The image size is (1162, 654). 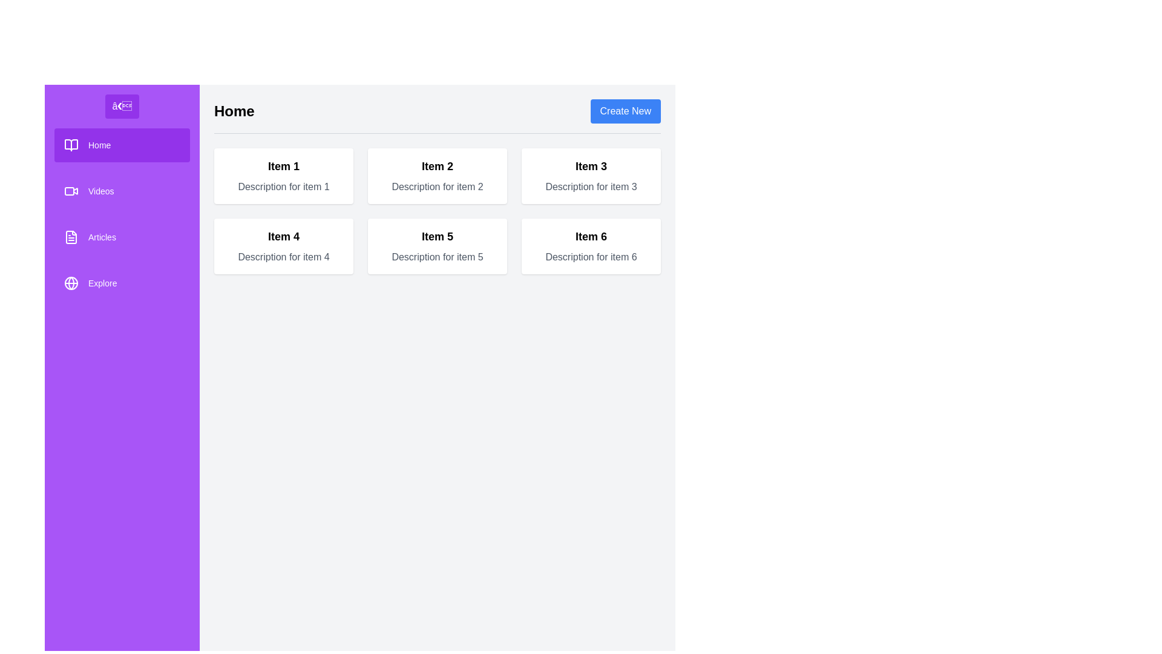 What do you see at coordinates (71, 144) in the screenshot?
I see `the 'Home' icon in the navigation bar` at bounding box center [71, 144].